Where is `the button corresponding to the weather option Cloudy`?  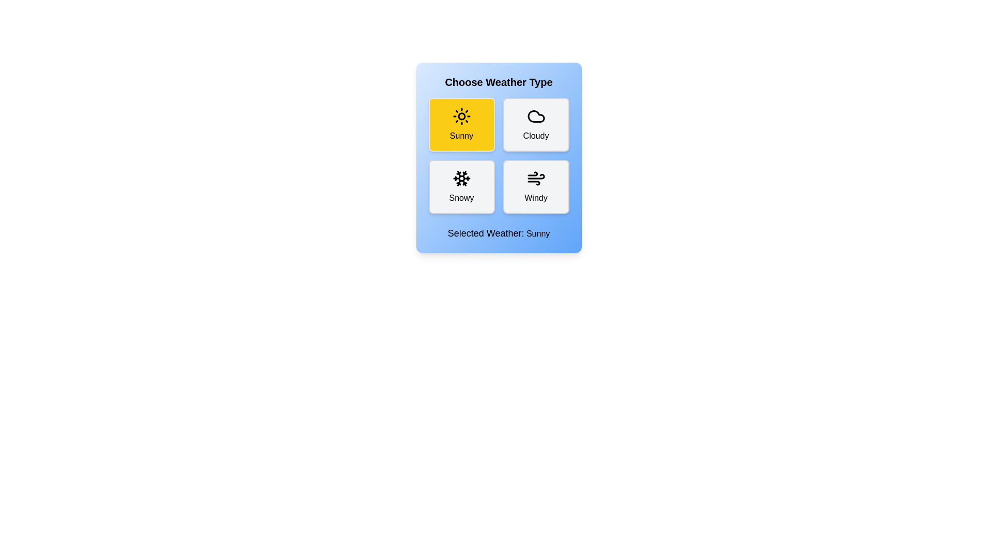 the button corresponding to the weather option Cloudy is located at coordinates (536, 124).